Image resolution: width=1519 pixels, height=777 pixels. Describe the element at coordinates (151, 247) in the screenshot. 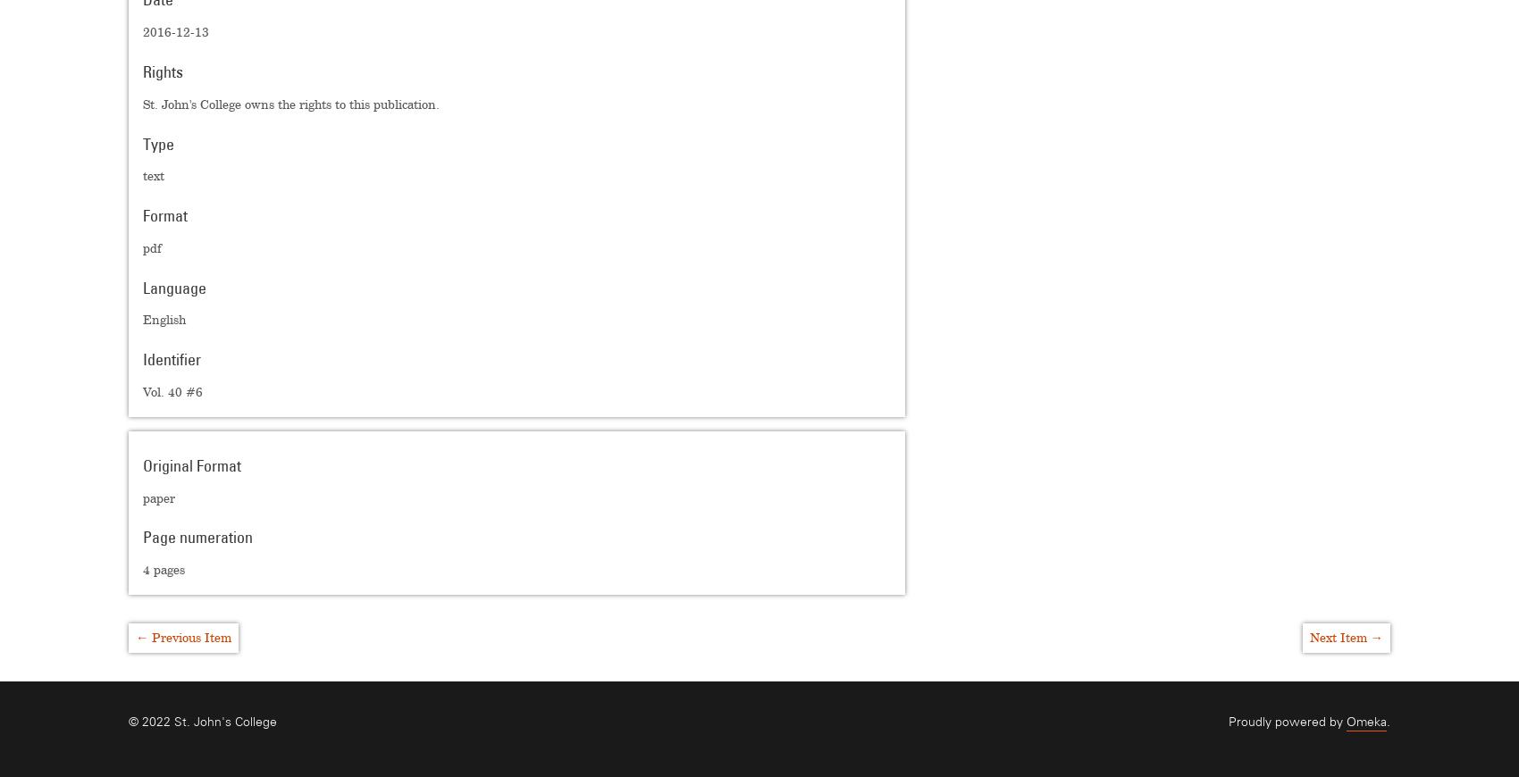

I see `'pdf'` at that location.